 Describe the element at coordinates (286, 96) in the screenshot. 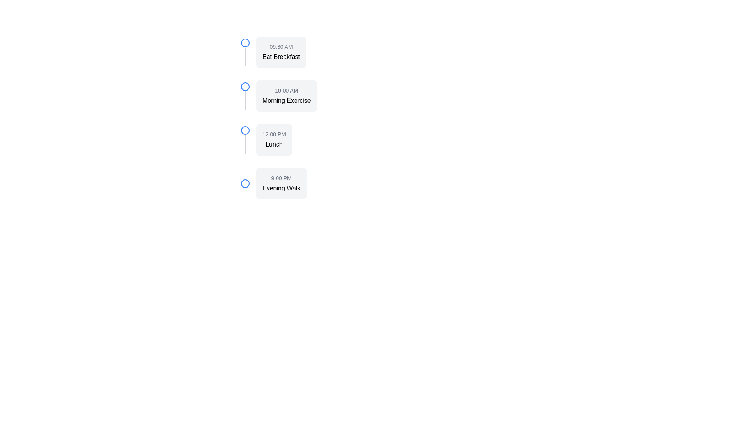

I see `the second card in the vertical timeline that displays '10:00 AM' and 'Morning Exercise'` at that location.